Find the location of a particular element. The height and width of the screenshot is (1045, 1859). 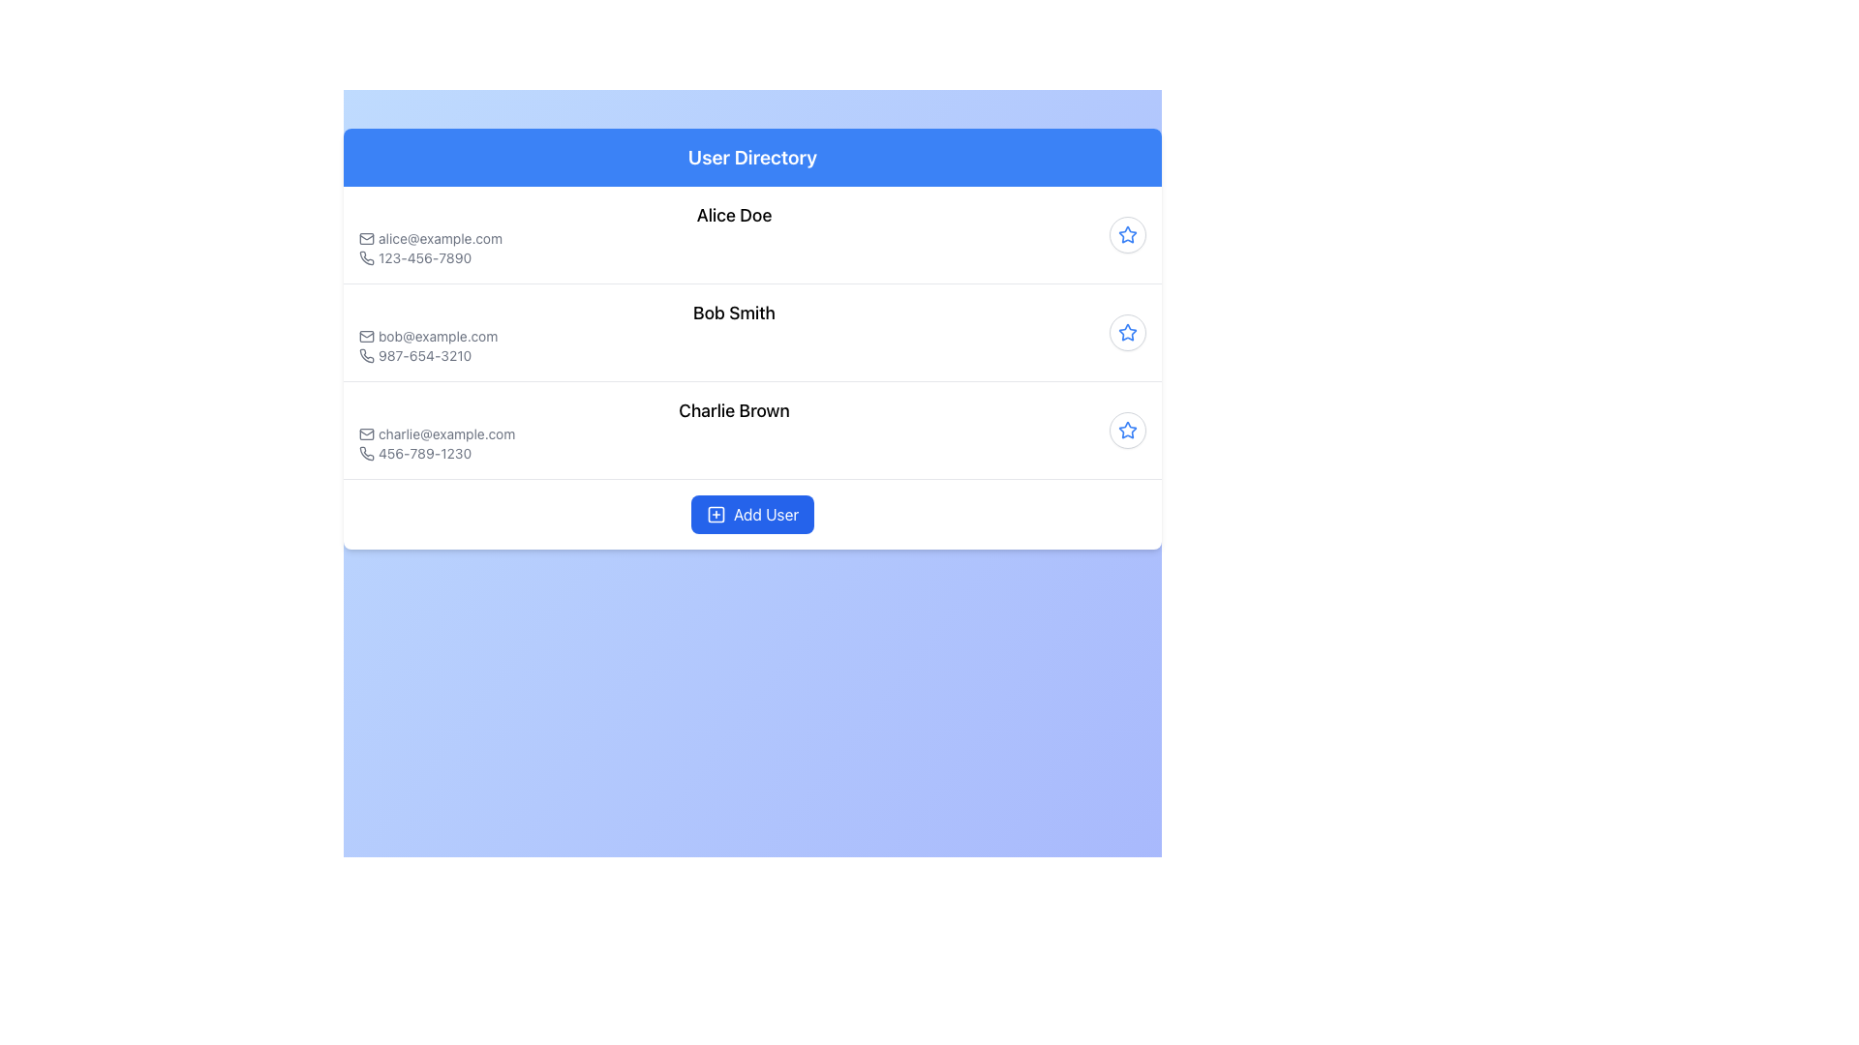

the small gray envelope icon located to the left of the email address 'charlie@example.com' in the user directory interface to interact with the email address is located at coordinates (367, 433).